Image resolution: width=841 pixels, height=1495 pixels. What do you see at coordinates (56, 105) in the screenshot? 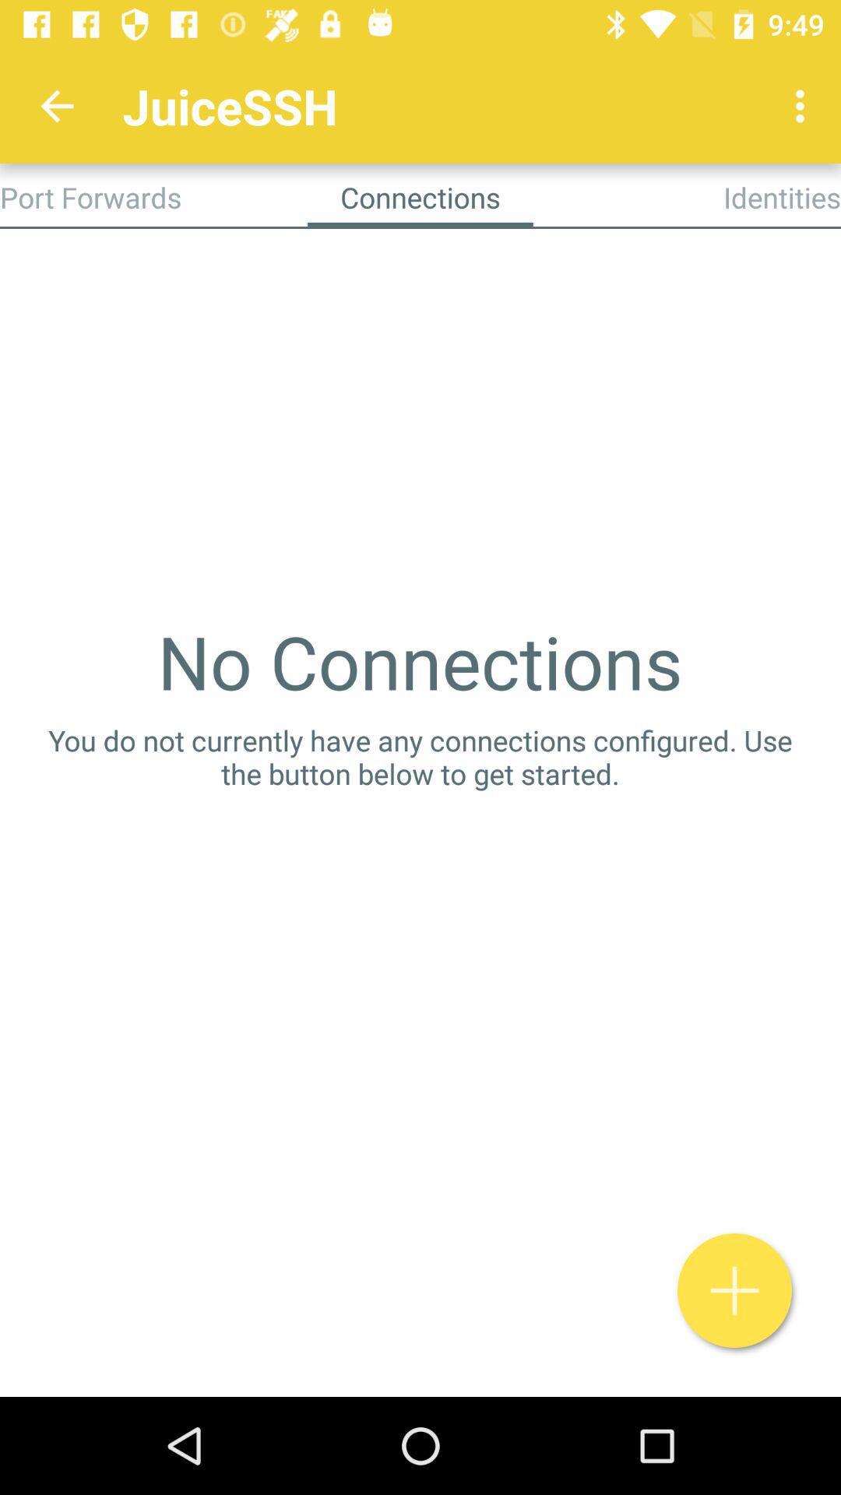
I see `icon next to the juicessh` at bounding box center [56, 105].